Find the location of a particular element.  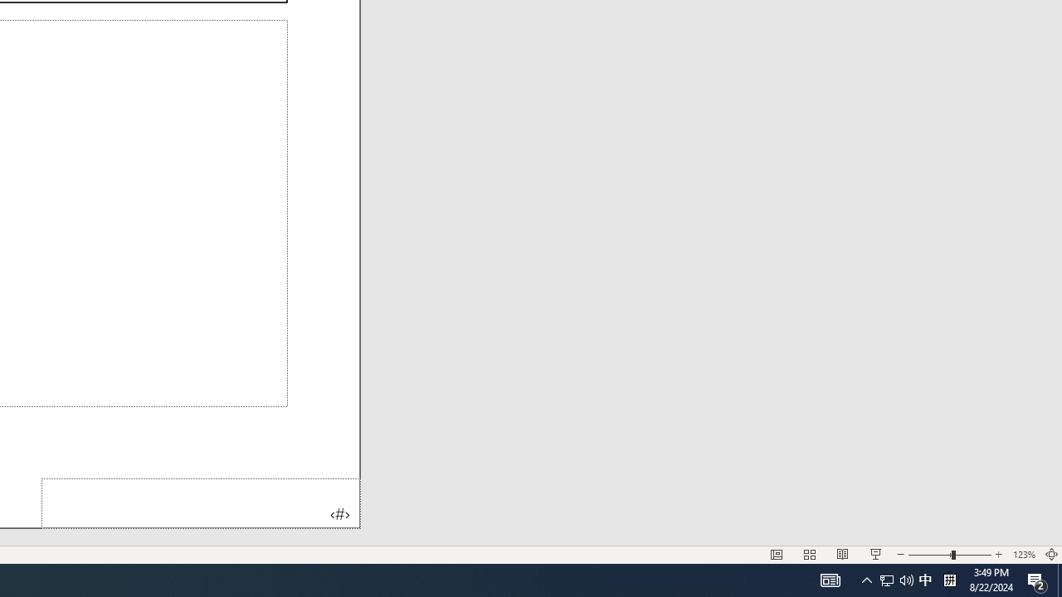

'Zoom 123%' is located at coordinates (1023, 555).